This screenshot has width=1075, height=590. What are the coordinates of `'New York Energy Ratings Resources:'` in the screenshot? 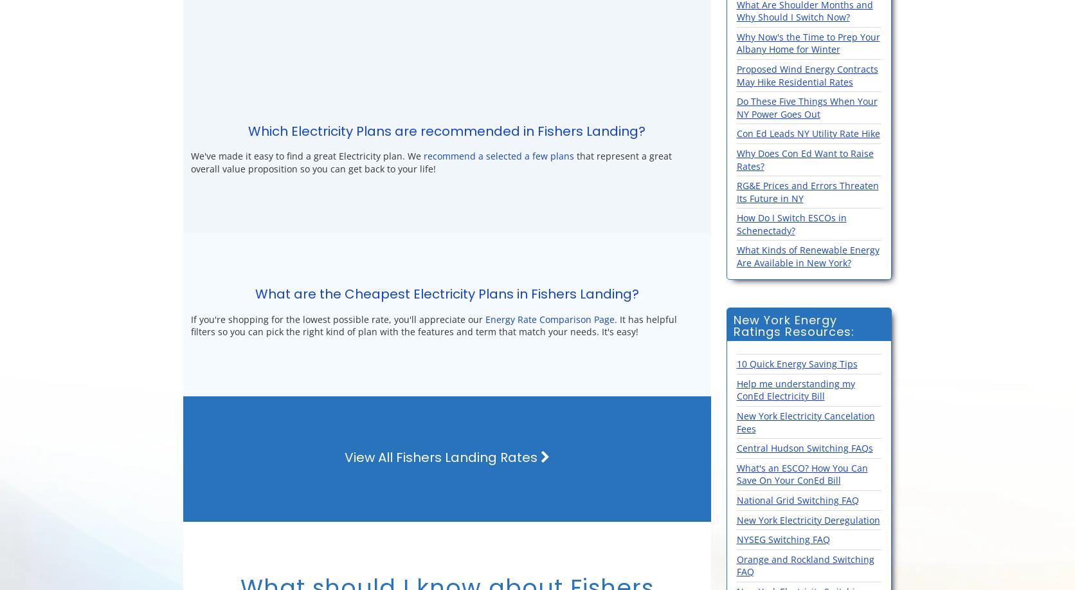 It's located at (792, 325).